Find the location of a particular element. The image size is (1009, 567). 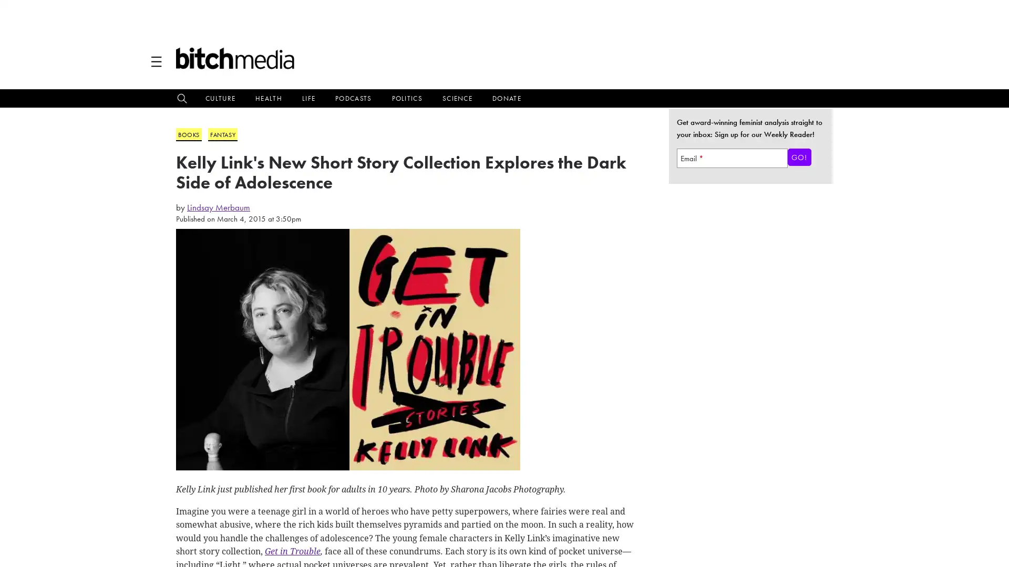

Go! is located at coordinates (799, 157).